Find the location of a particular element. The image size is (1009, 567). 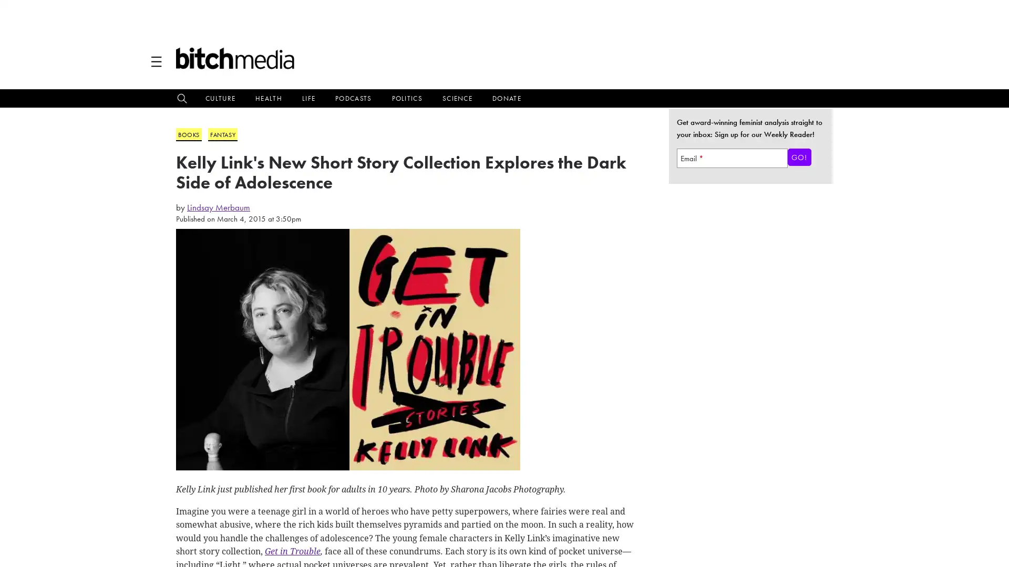

Go! is located at coordinates (799, 157).